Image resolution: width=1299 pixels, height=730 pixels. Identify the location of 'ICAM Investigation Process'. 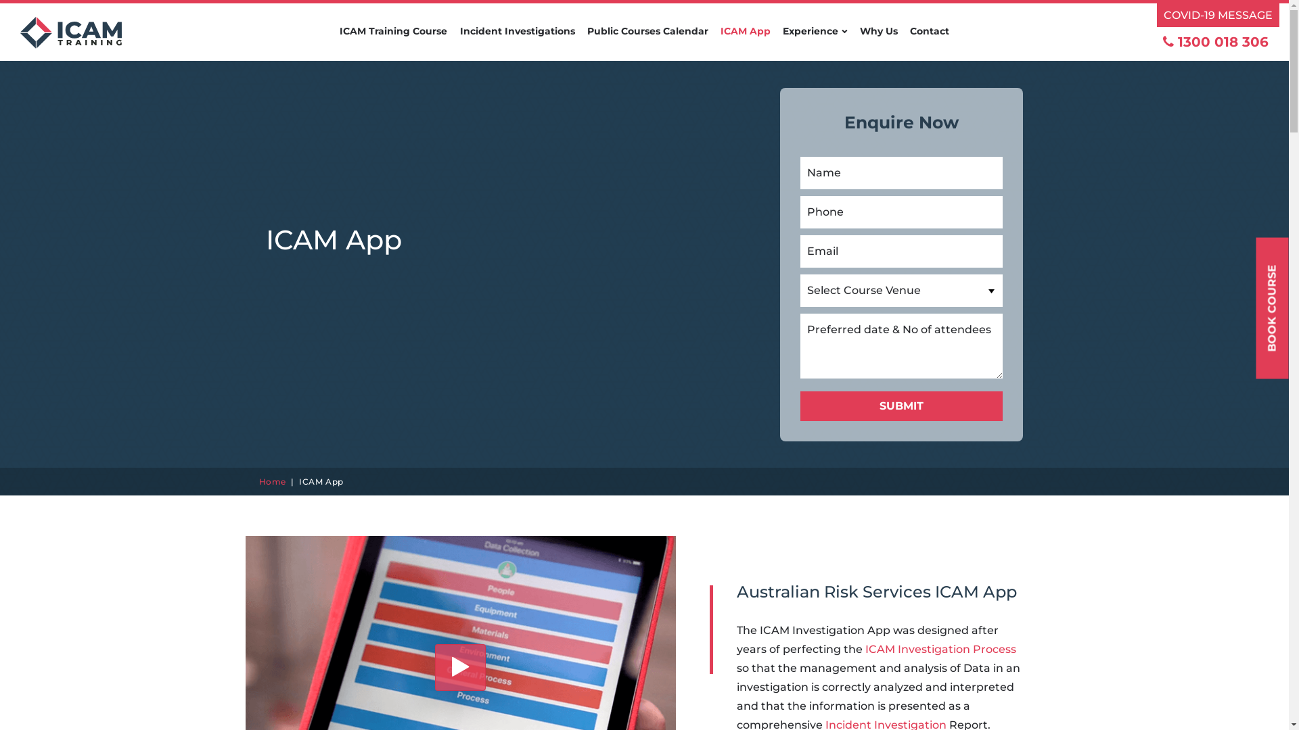
(940, 648).